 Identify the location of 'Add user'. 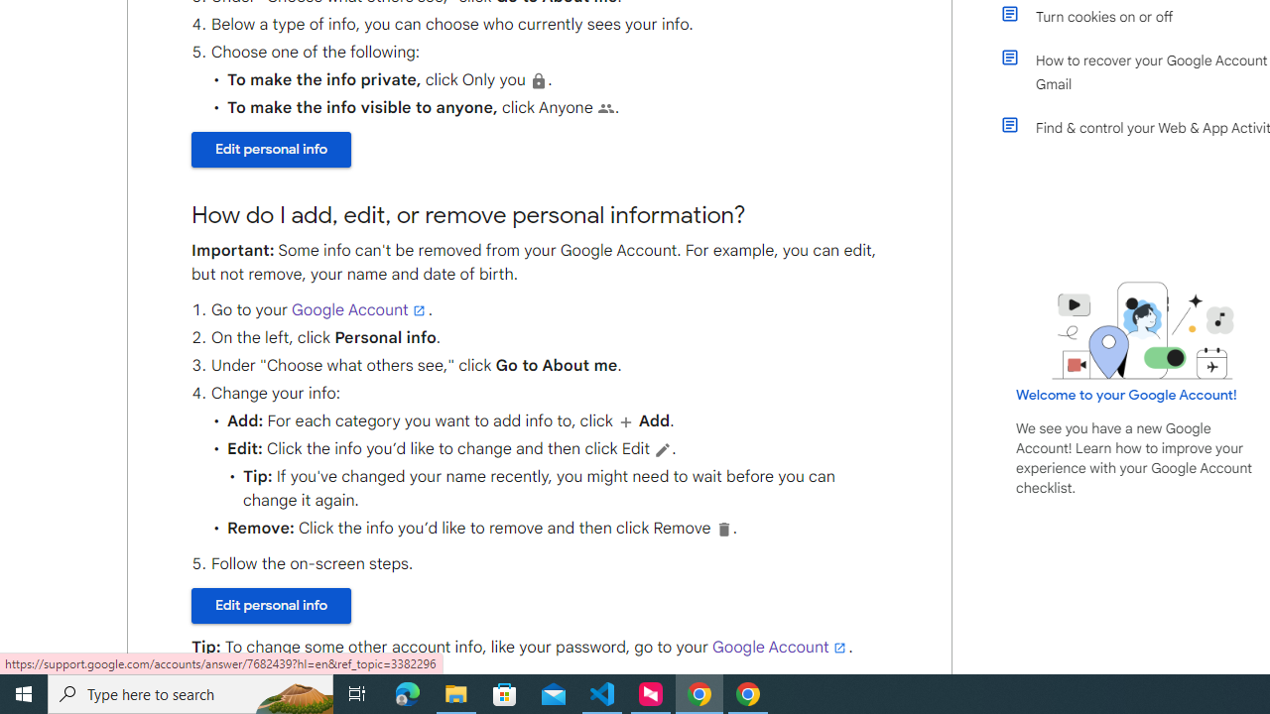
(625, 420).